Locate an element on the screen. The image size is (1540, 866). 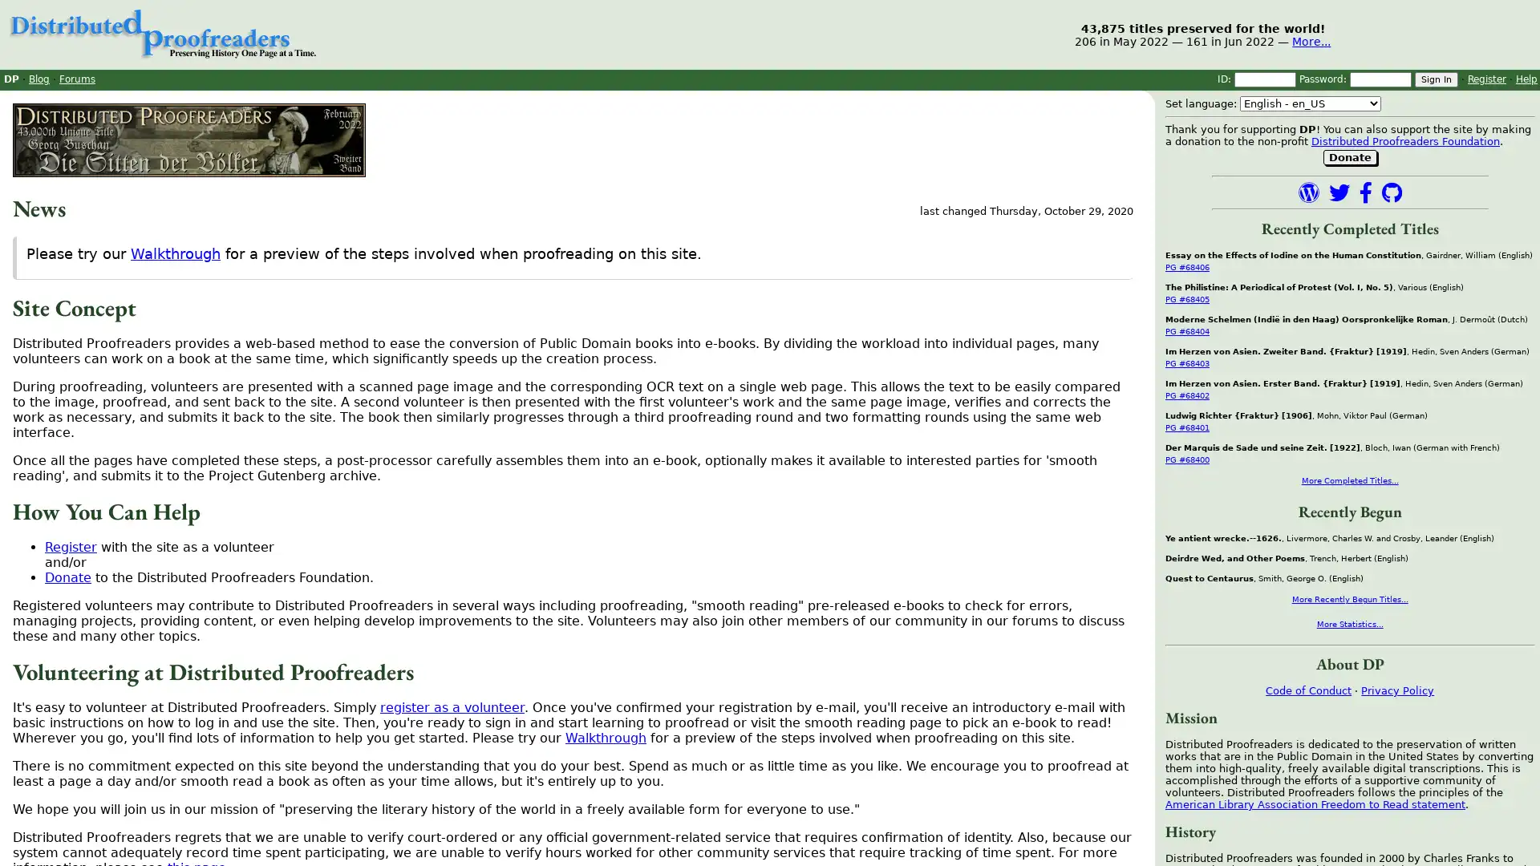
Donate is located at coordinates (1348, 156).